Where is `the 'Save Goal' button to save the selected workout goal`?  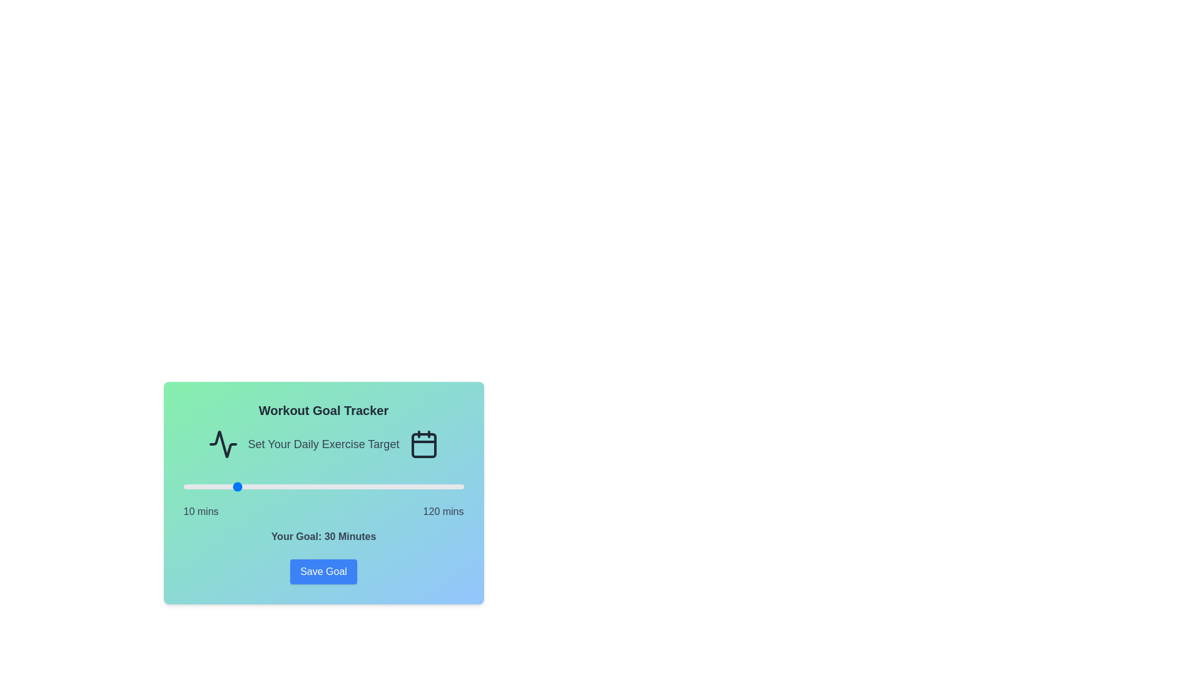 the 'Save Goal' button to save the selected workout goal is located at coordinates (323, 571).